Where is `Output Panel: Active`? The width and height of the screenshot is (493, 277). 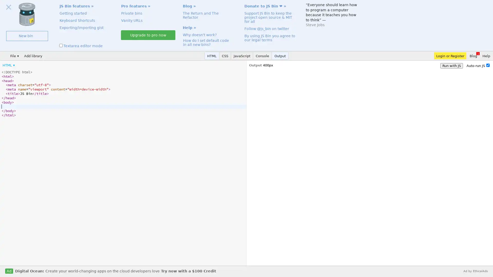 Output Panel: Active is located at coordinates (280, 56).